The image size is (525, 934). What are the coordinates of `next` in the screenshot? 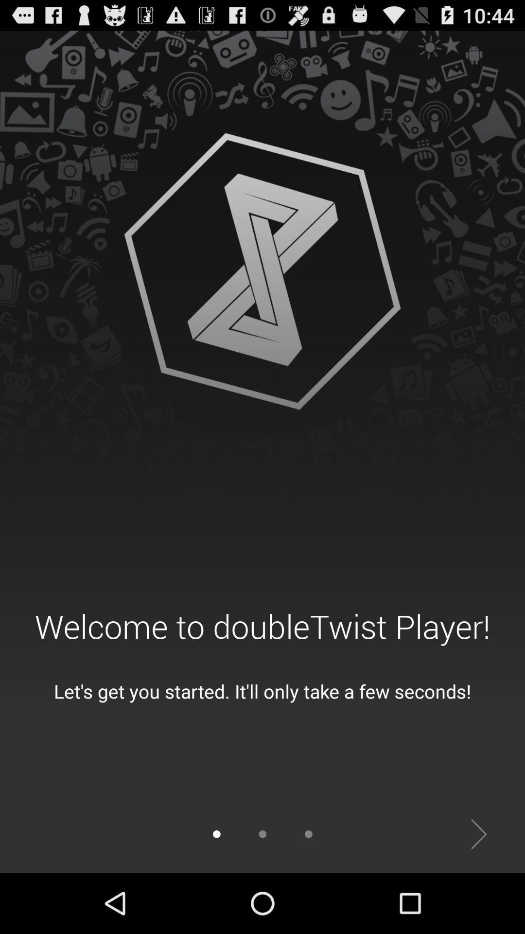 It's located at (478, 834).